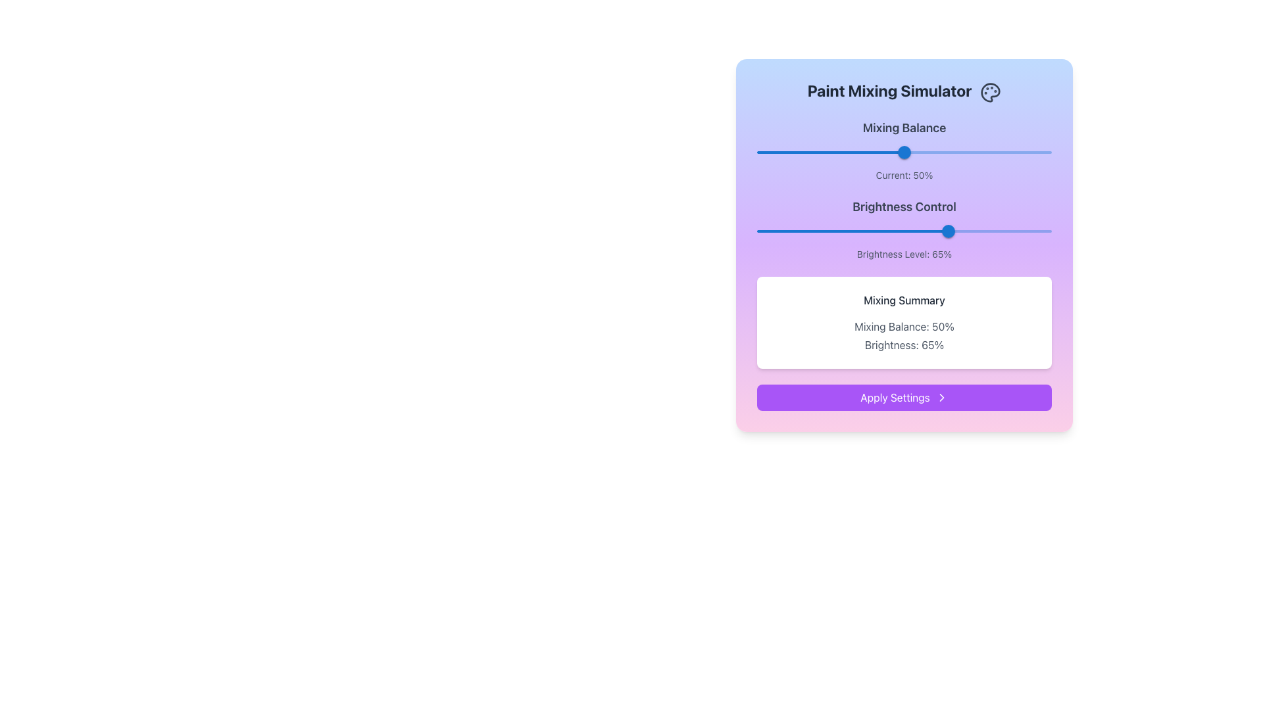 The image size is (1263, 710). Describe the element at coordinates (780, 151) in the screenshot. I see `the Mixing Balance slider` at that location.